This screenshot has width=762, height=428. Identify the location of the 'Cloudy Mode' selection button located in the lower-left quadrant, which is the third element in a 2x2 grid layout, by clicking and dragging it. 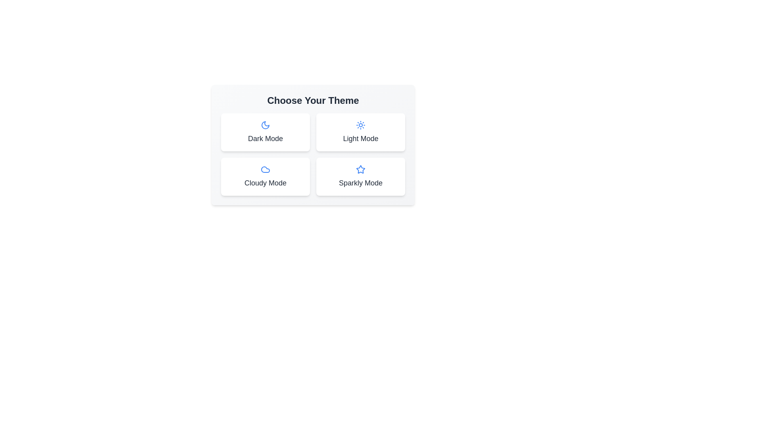
(265, 176).